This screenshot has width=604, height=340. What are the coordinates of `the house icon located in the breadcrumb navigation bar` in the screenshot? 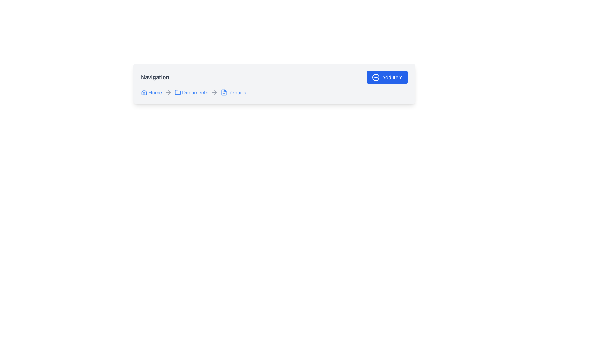 It's located at (143, 92).